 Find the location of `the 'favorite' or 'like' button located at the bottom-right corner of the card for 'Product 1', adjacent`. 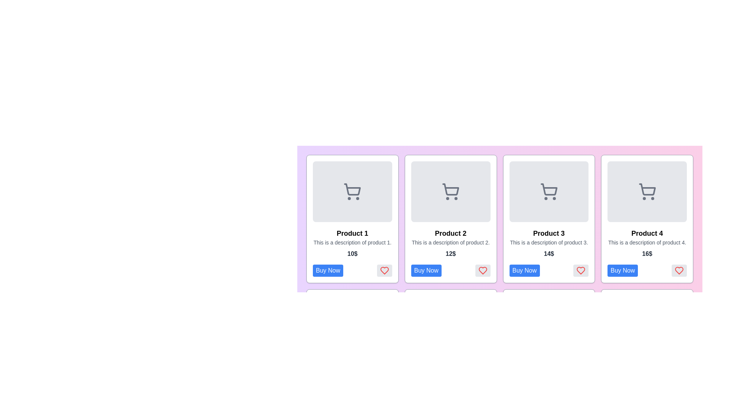

the 'favorite' or 'like' button located at the bottom-right corner of the card for 'Product 1', adjacent is located at coordinates (384, 270).